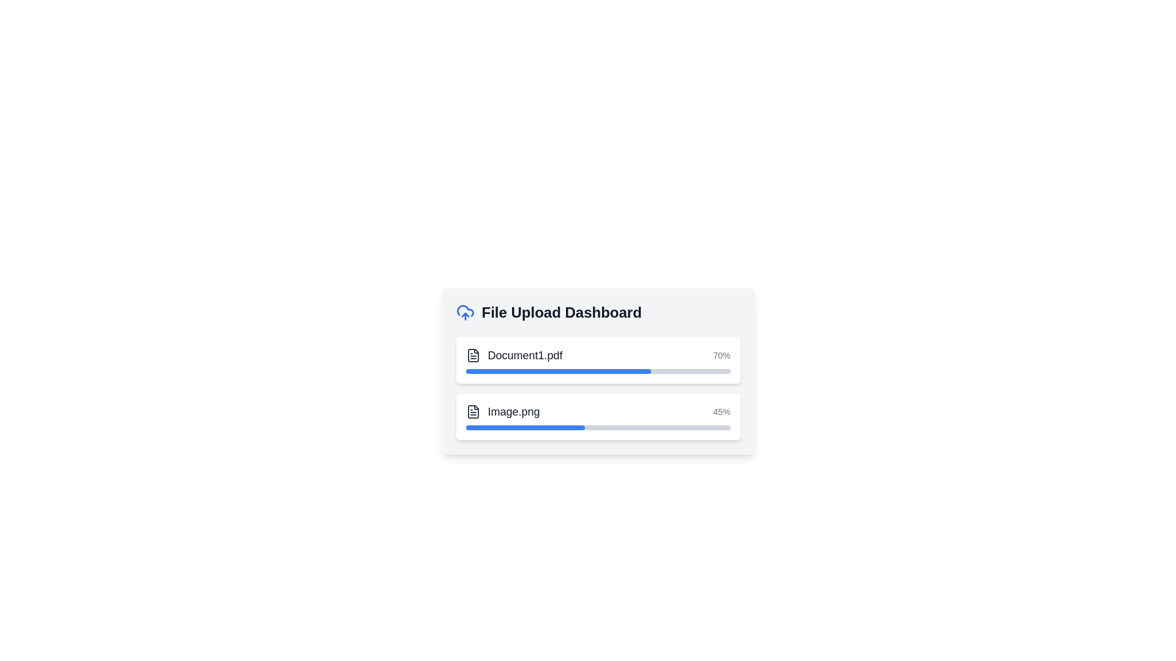 Image resolution: width=1176 pixels, height=661 pixels. What do you see at coordinates (464, 312) in the screenshot?
I see `the cloud upload icon with a blue stroke located to the left of the 'File Upload Dashboard' text in the header of the dashboard interface` at bounding box center [464, 312].